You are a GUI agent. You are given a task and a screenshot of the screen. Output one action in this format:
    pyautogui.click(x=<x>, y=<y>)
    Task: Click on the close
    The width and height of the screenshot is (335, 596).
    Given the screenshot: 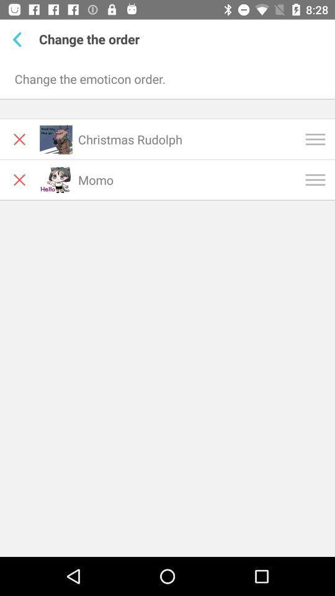 What is the action you would take?
    pyautogui.click(x=19, y=139)
    